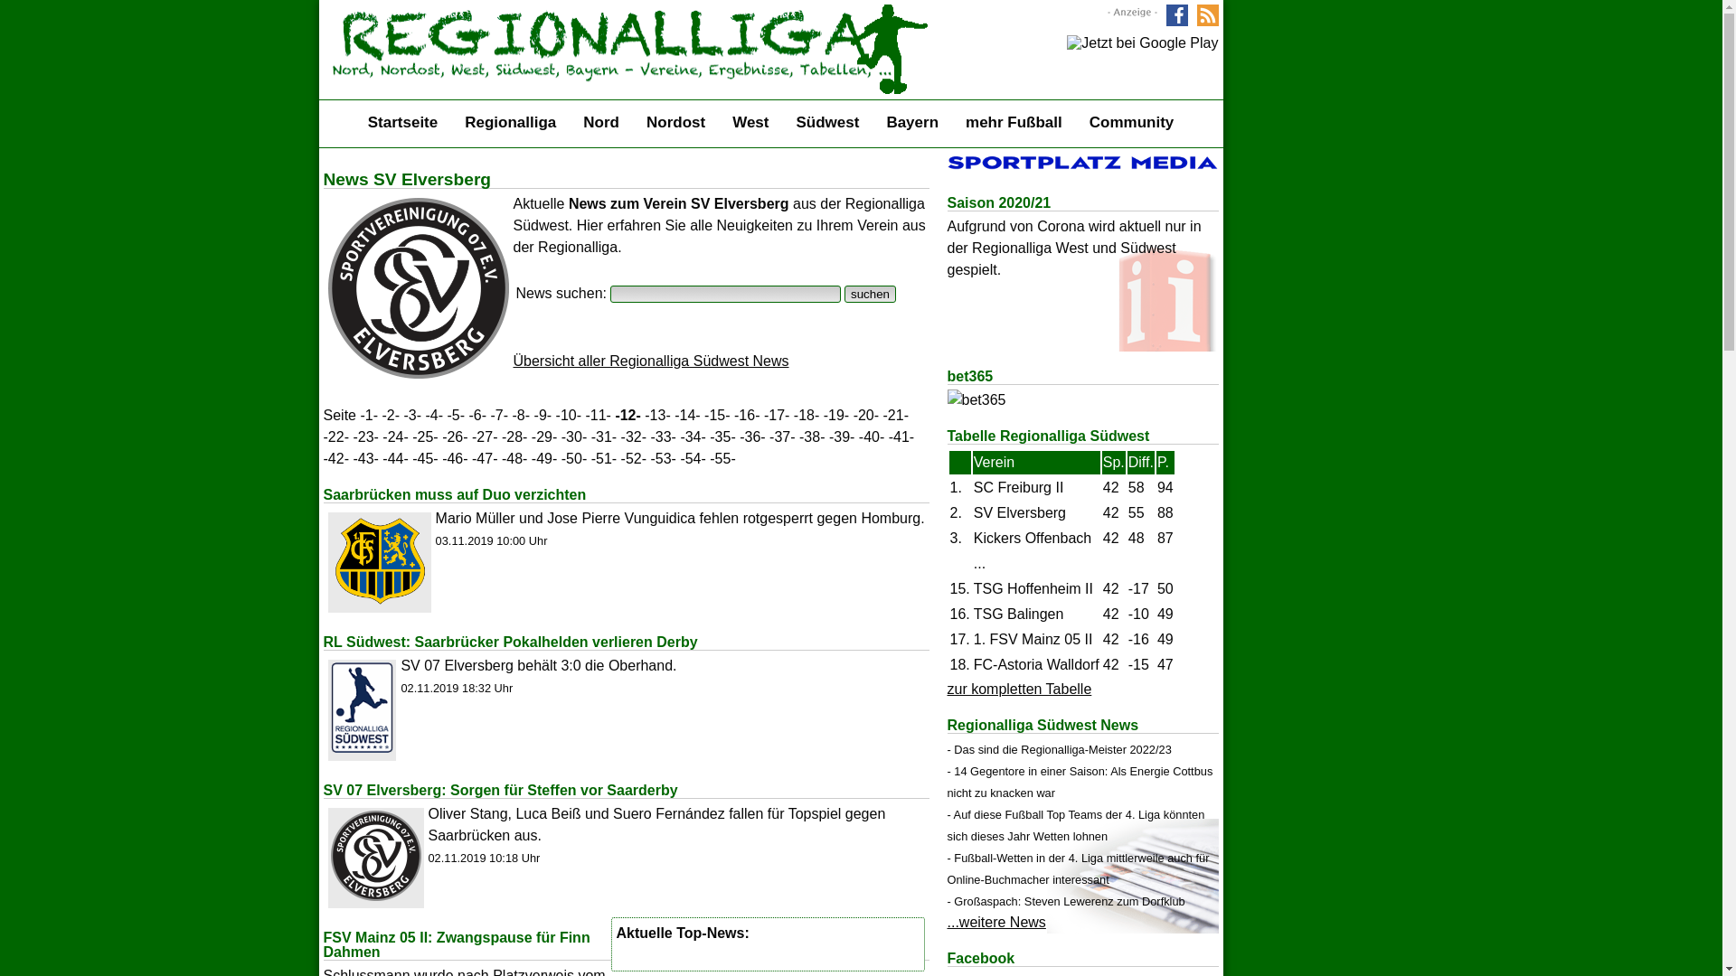 The width and height of the screenshot is (1736, 976). Describe the element at coordinates (794, 415) in the screenshot. I see `'-18-'` at that location.